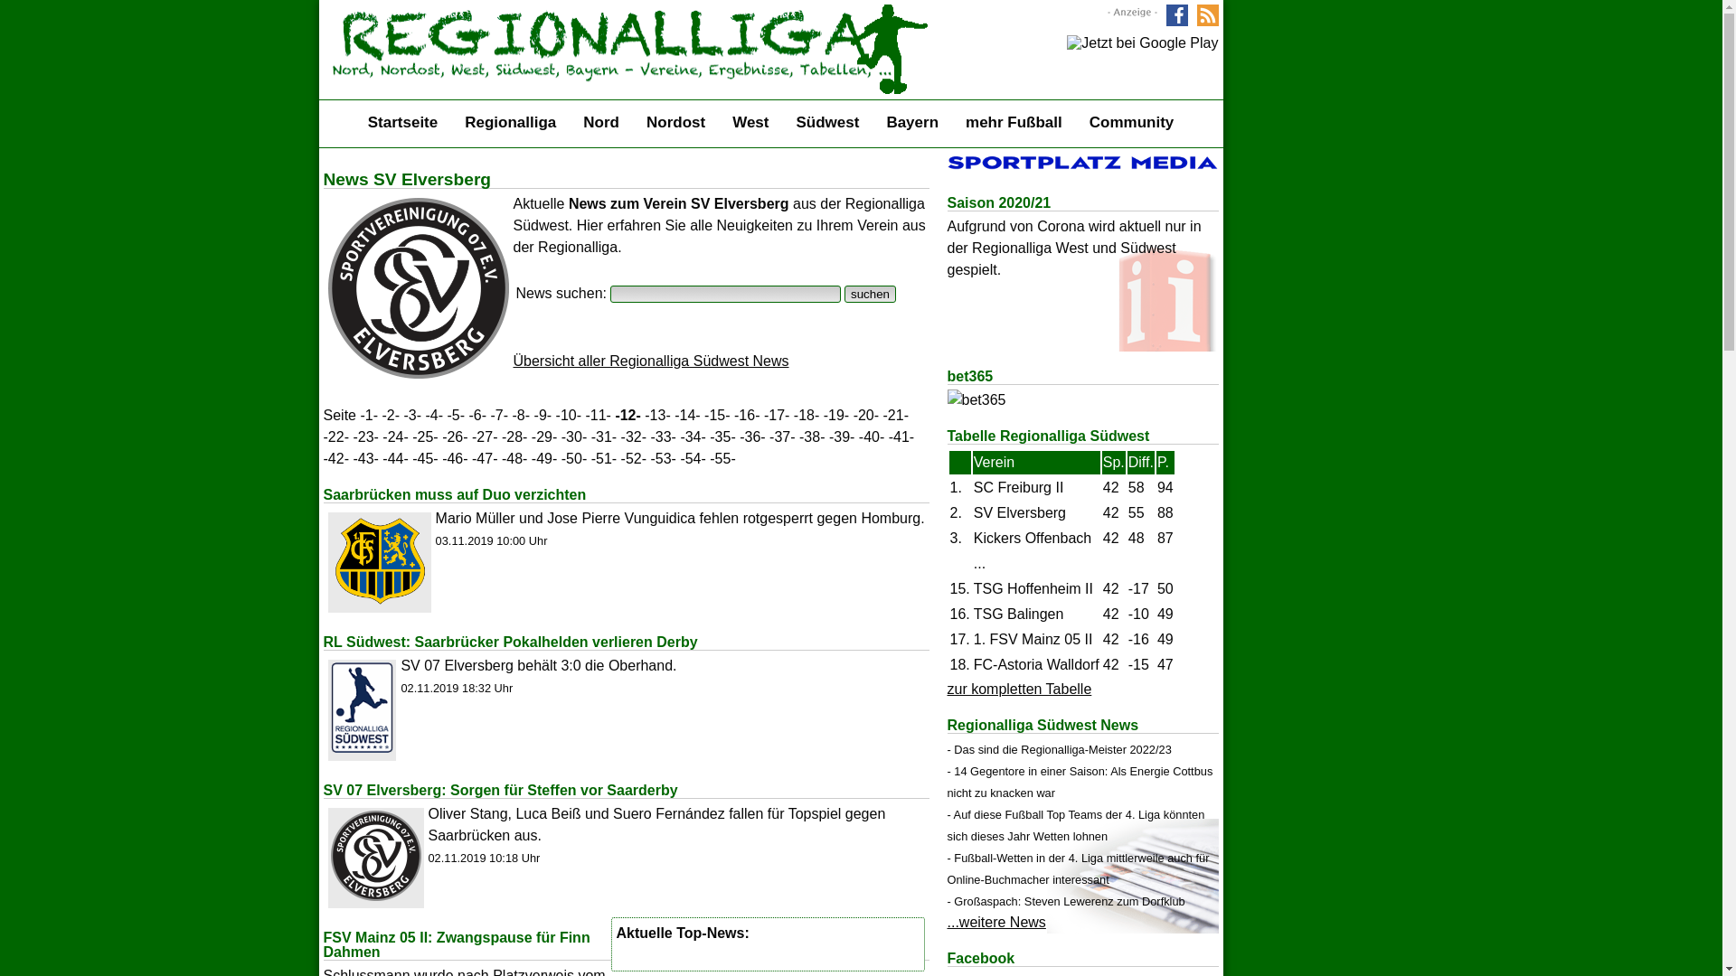 The width and height of the screenshot is (1736, 976). Describe the element at coordinates (794, 415) in the screenshot. I see `'-18-'` at that location.